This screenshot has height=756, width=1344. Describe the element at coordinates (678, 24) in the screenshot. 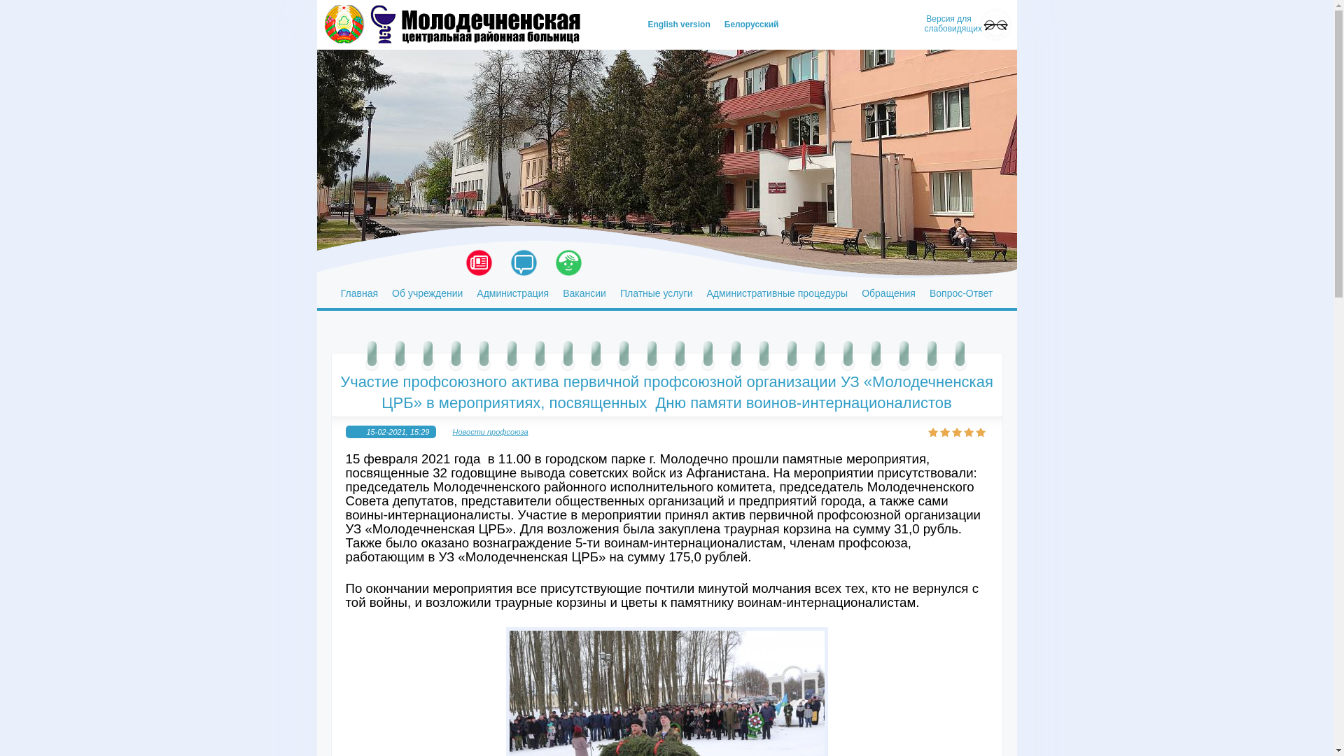

I see `'English version'` at that location.